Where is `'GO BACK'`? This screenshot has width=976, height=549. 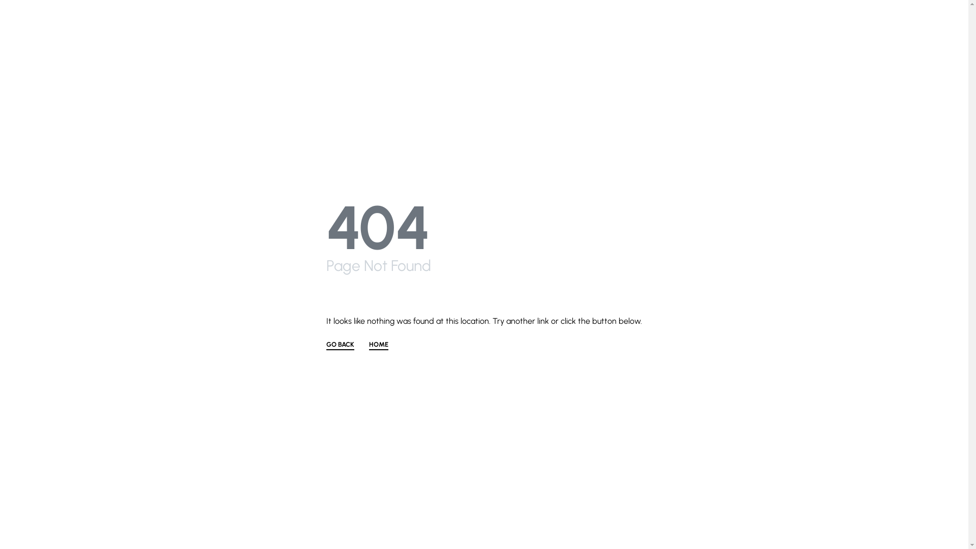
'GO BACK' is located at coordinates (340, 345).